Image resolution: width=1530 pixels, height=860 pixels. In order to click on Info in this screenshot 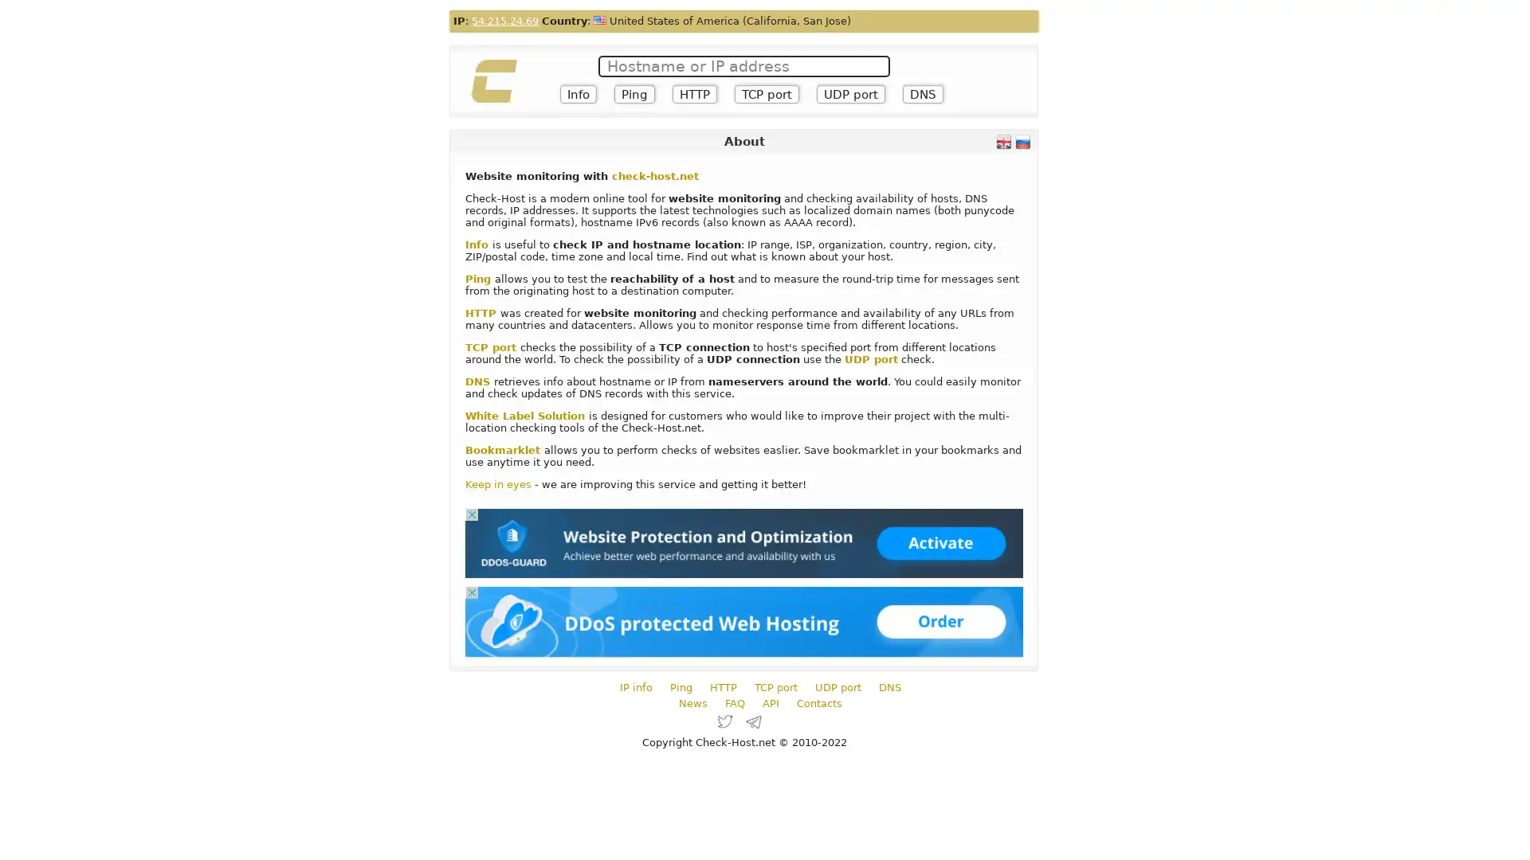, I will do `click(576, 94)`.